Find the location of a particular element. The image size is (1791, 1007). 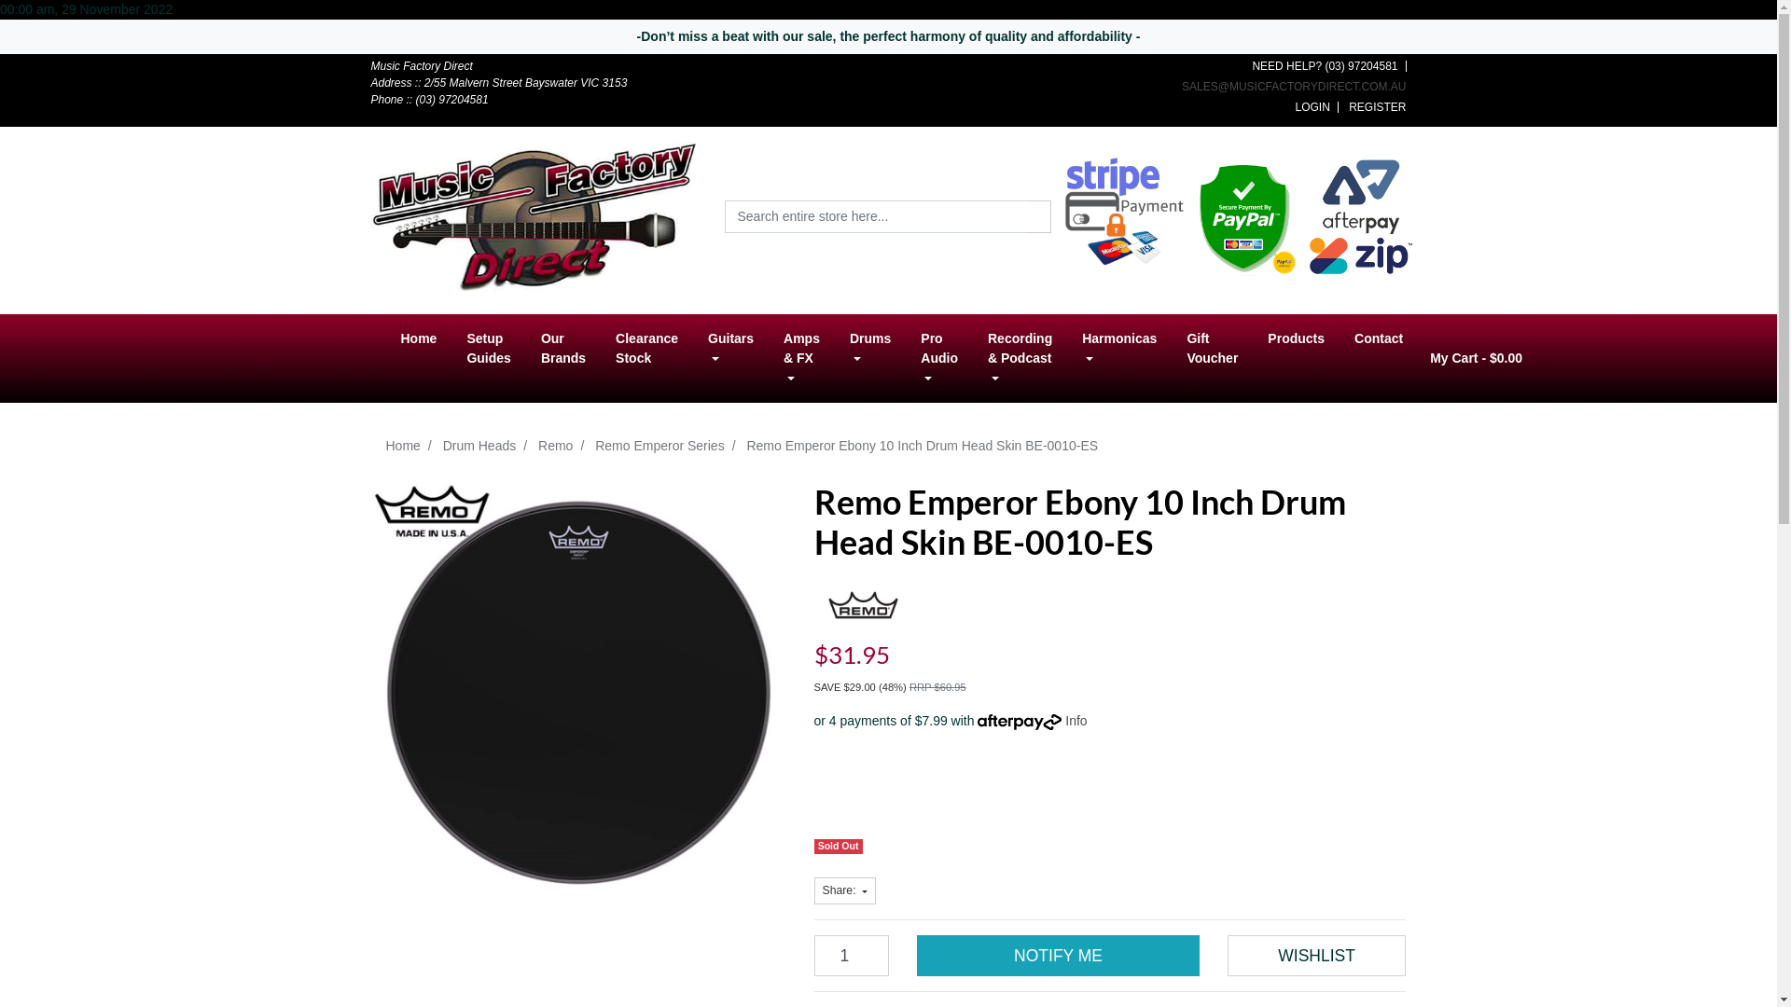

'Products' is located at coordinates (1295, 338).